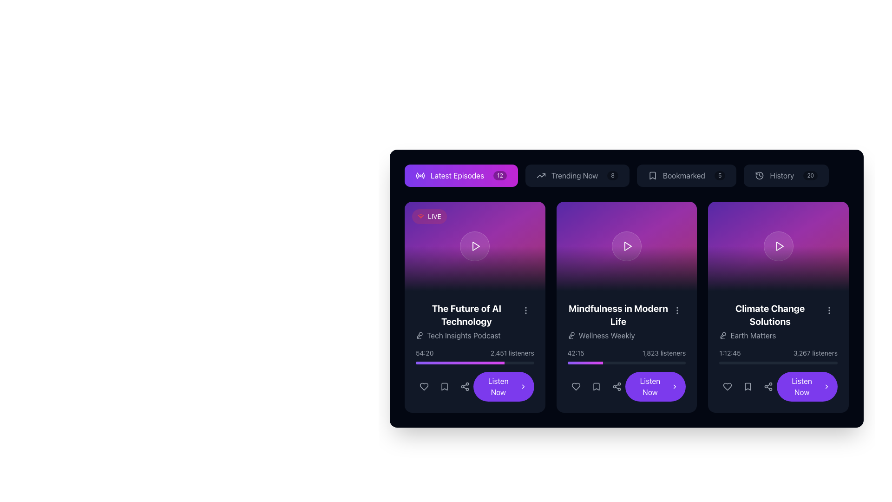 Image resolution: width=892 pixels, height=502 pixels. Describe the element at coordinates (460, 362) in the screenshot. I see `the progress bar, which is a solid horizontal element with a gradient color transitioning from violet` at that location.